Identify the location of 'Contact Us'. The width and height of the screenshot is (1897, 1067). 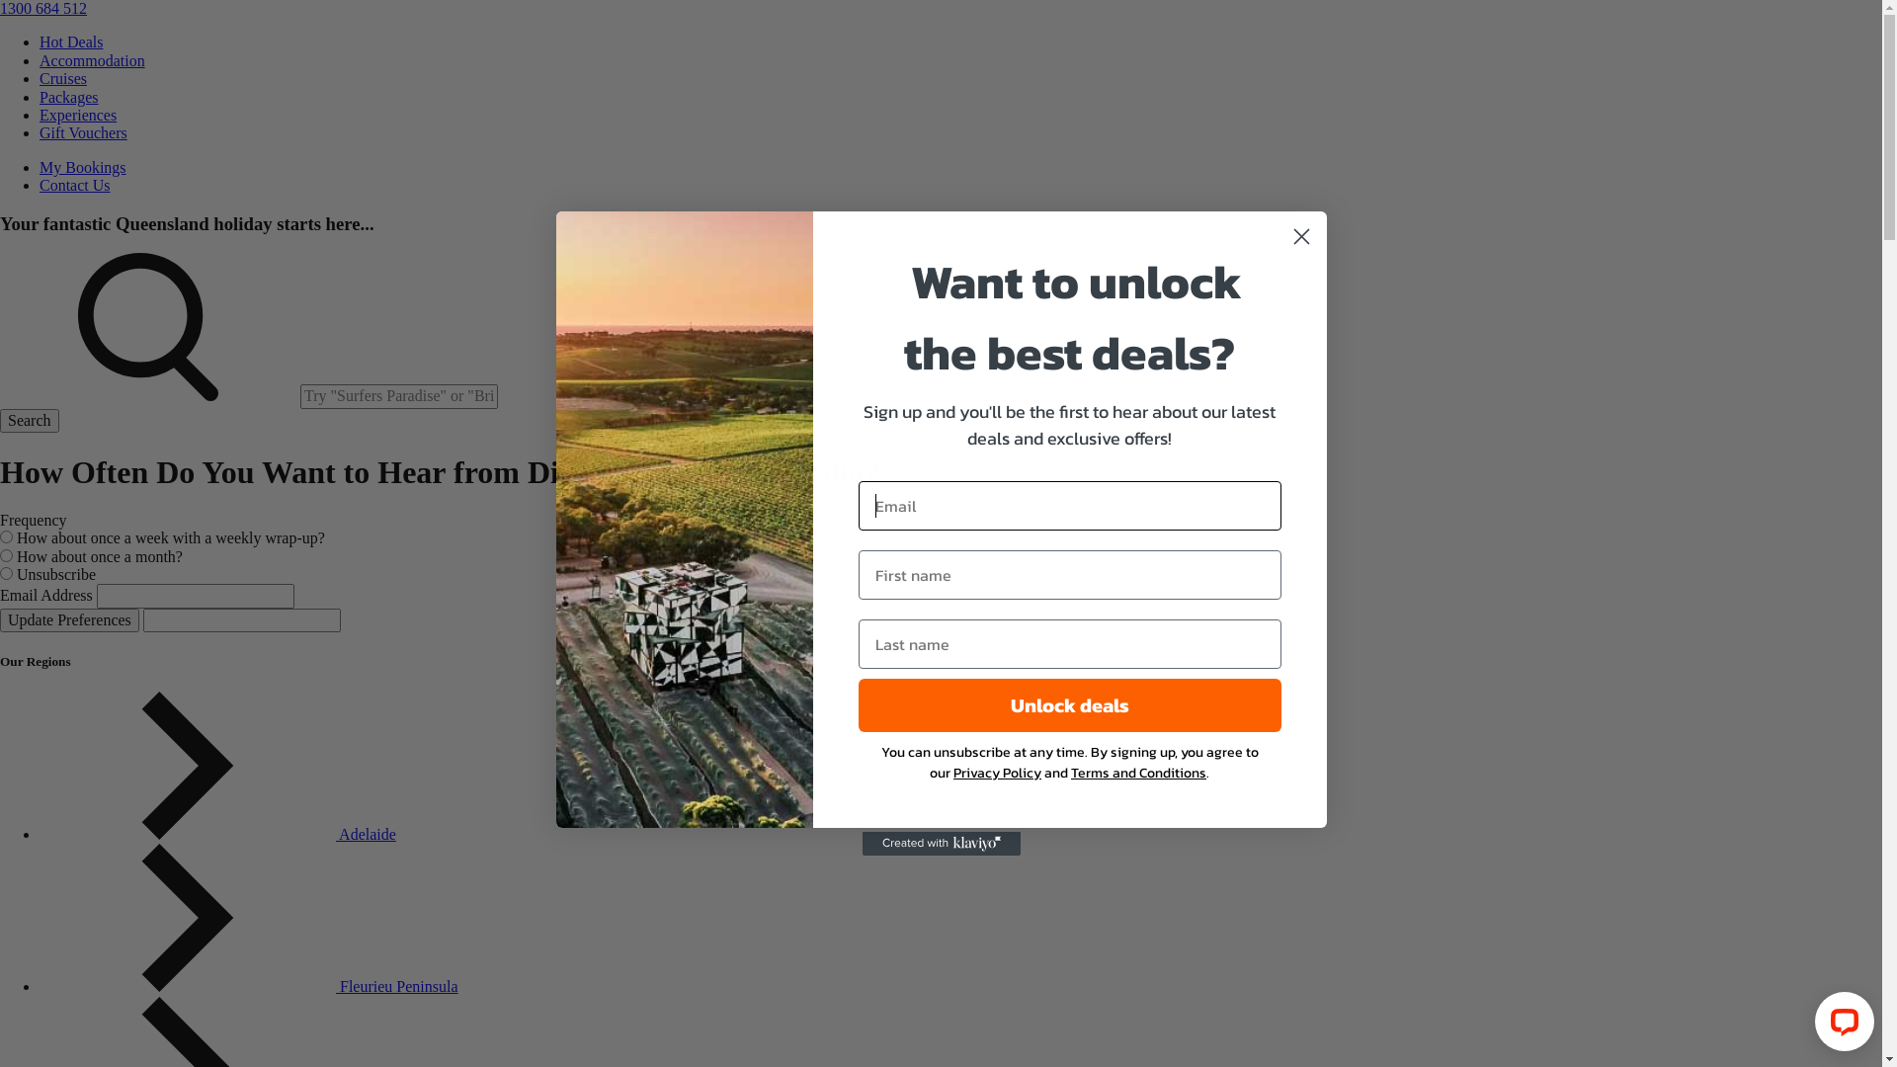
(75, 185).